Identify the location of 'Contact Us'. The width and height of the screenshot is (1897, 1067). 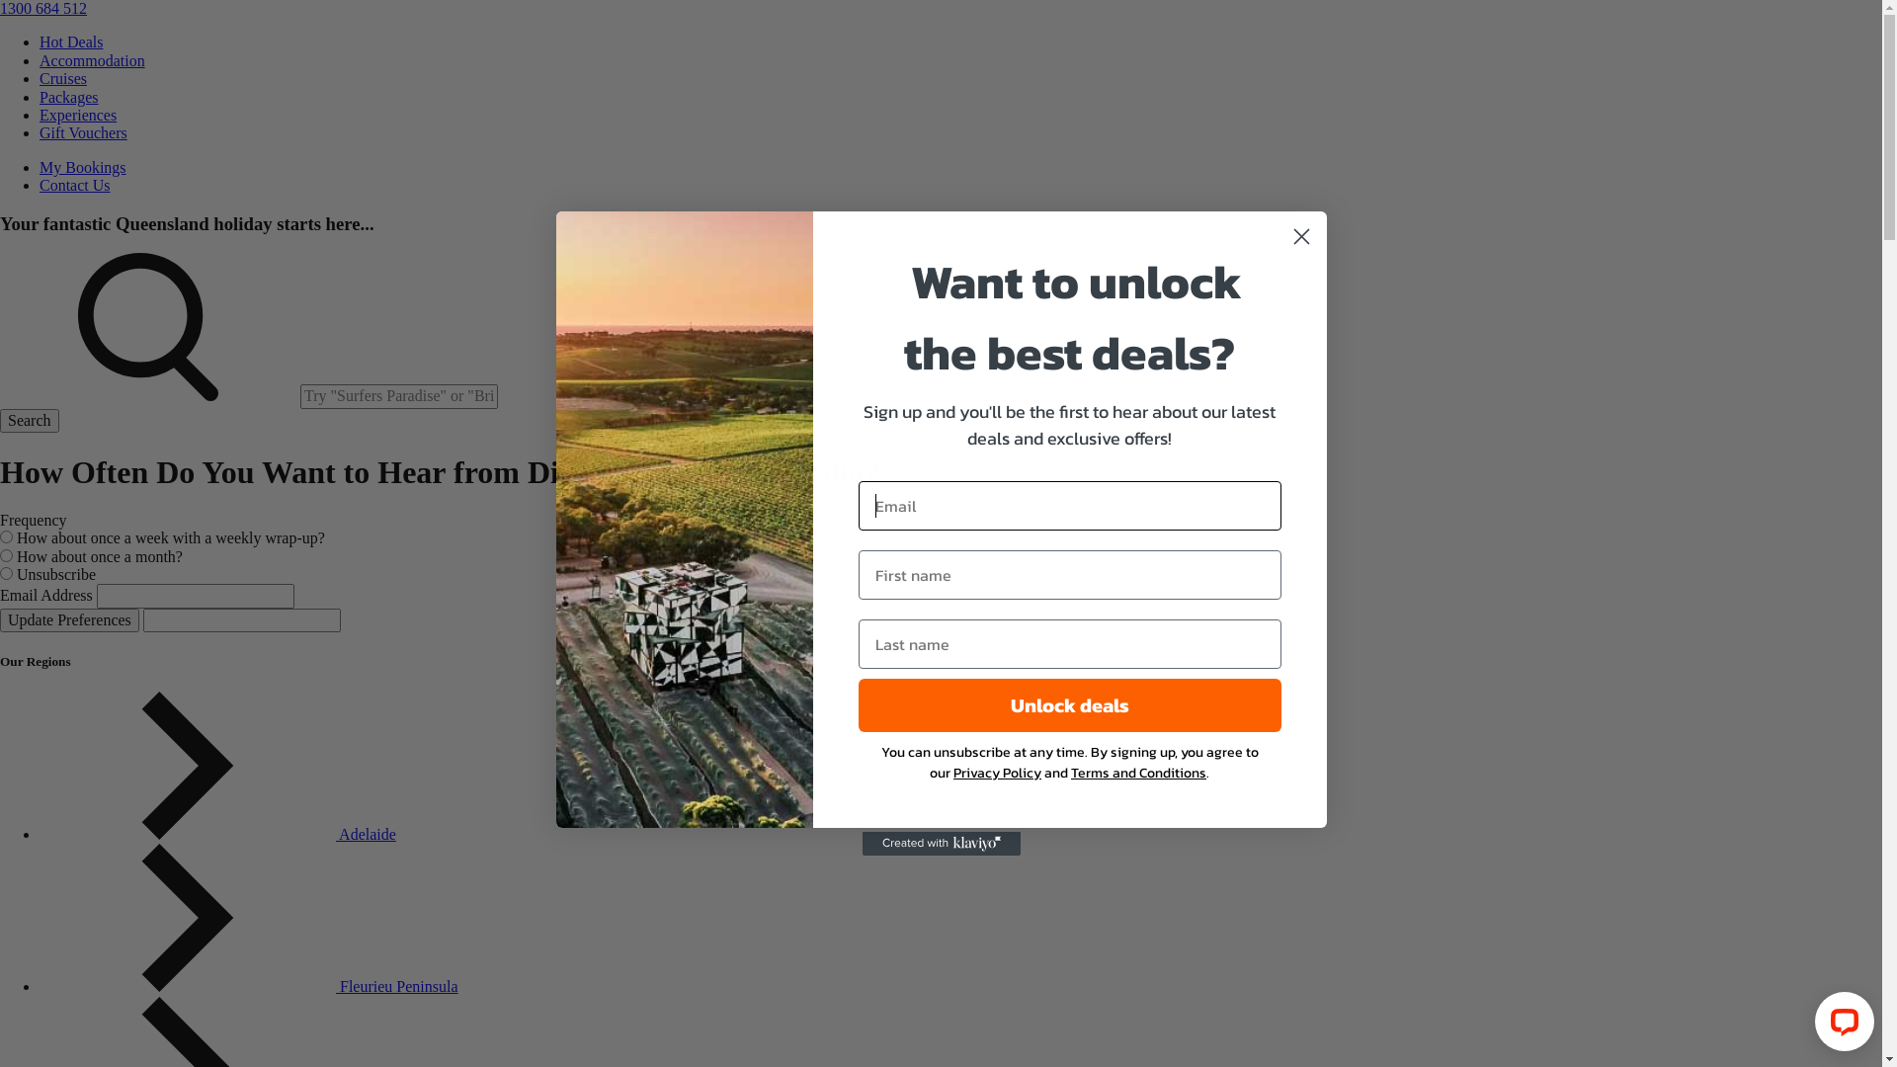
(75, 185).